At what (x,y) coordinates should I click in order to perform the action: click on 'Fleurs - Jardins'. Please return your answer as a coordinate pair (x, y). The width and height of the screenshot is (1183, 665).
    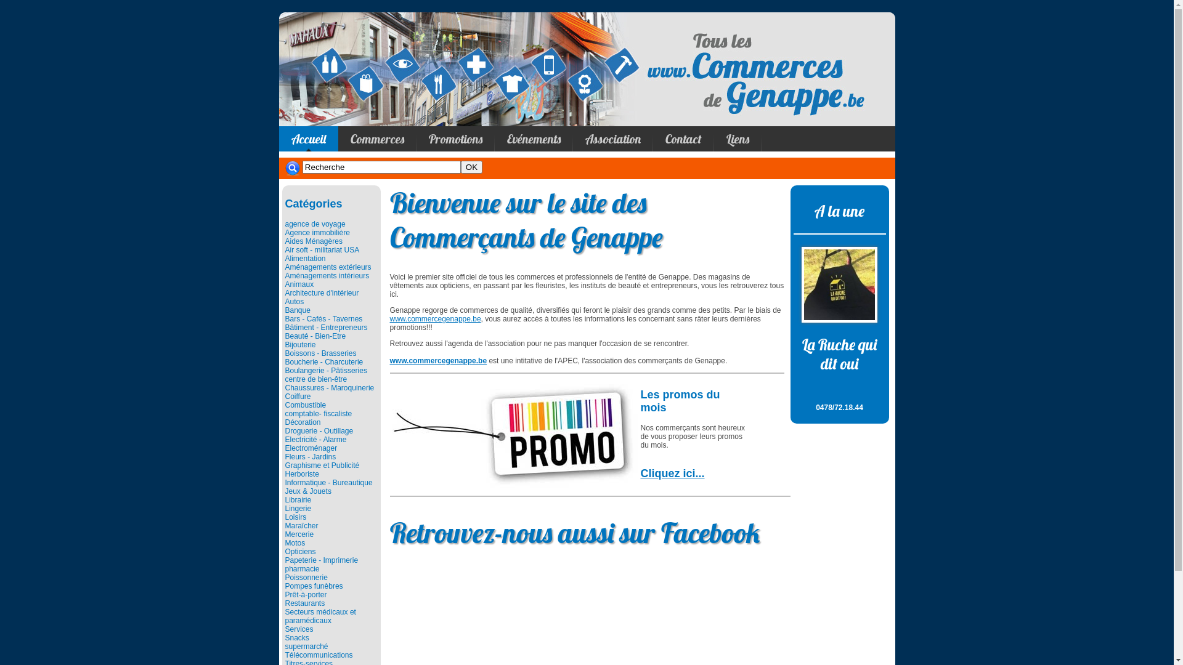
    Looking at the image, I should click on (310, 456).